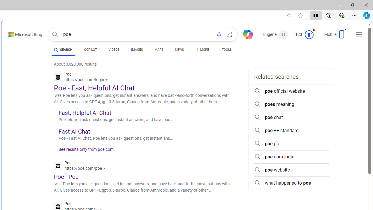 The width and height of the screenshot is (373, 210). What do you see at coordinates (105, 168) in the screenshot?
I see `'Actions for this site'` at bounding box center [105, 168].